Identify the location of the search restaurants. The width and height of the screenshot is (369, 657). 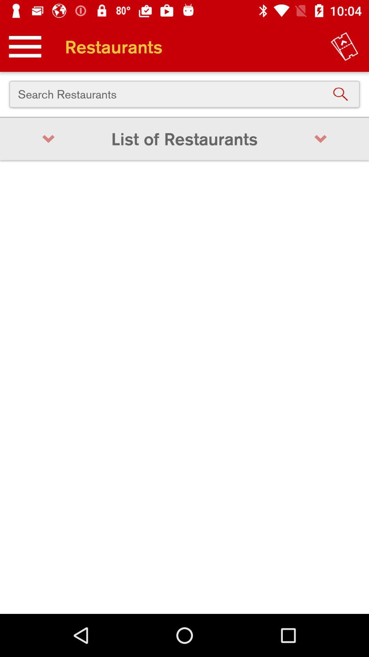
(184, 94).